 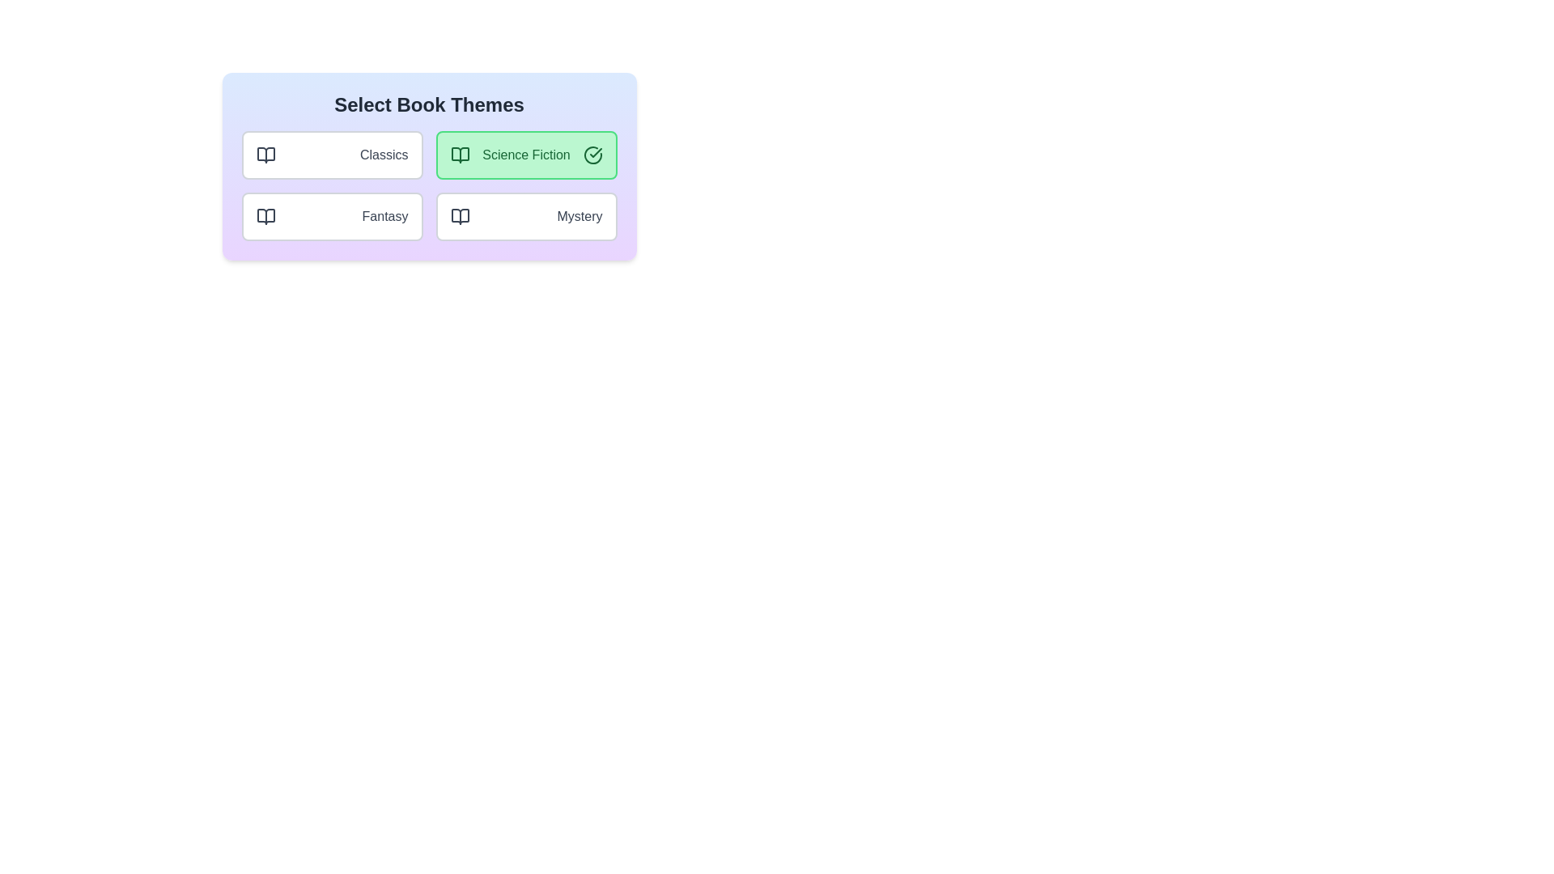 What do you see at coordinates (331, 215) in the screenshot?
I see `the theme Fantasy` at bounding box center [331, 215].